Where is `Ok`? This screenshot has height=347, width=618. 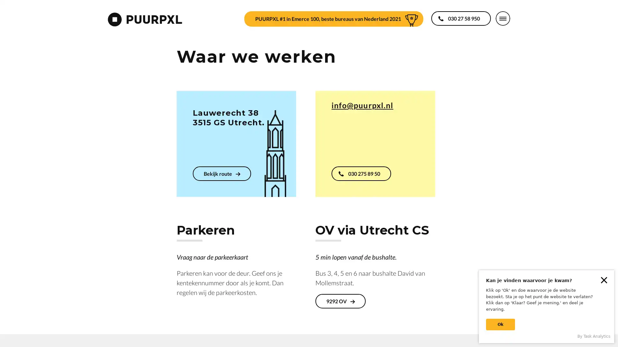 Ok is located at coordinates (500, 325).